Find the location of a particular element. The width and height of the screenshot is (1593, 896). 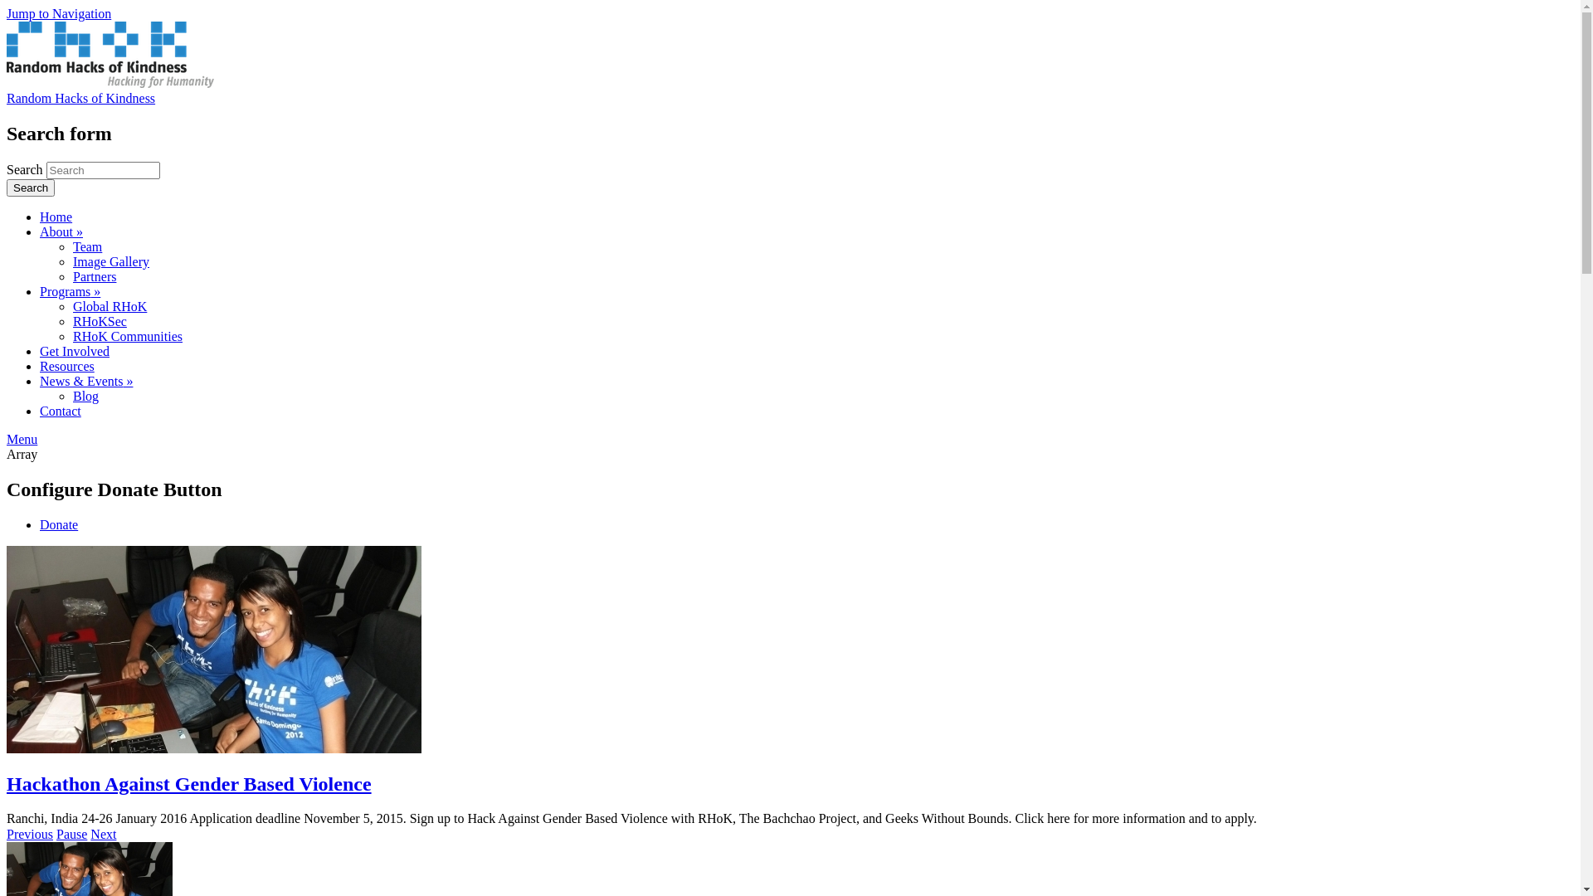

'RHoK Communities' is located at coordinates (126, 336).